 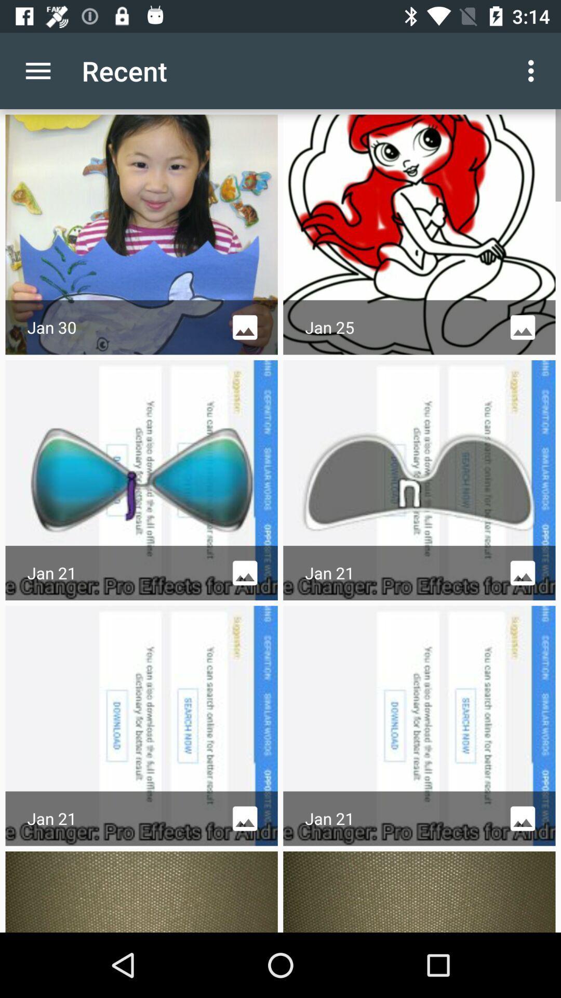 What do you see at coordinates (37, 70) in the screenshot?
I see `app to the left of the recent` at bounding box center [37, 70].